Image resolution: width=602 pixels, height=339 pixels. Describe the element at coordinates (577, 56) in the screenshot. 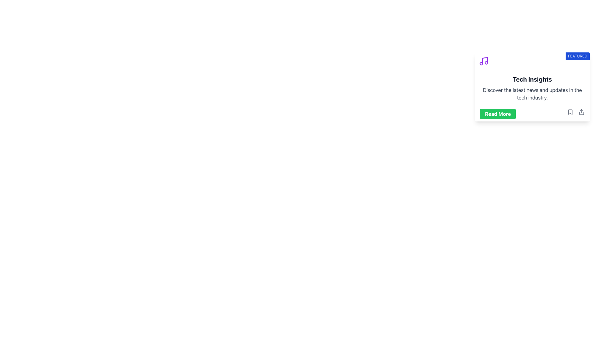

I see `displayed text 'FEATURED' from the small rectangular label with a blue background located at the top right corner of the card` at that location.